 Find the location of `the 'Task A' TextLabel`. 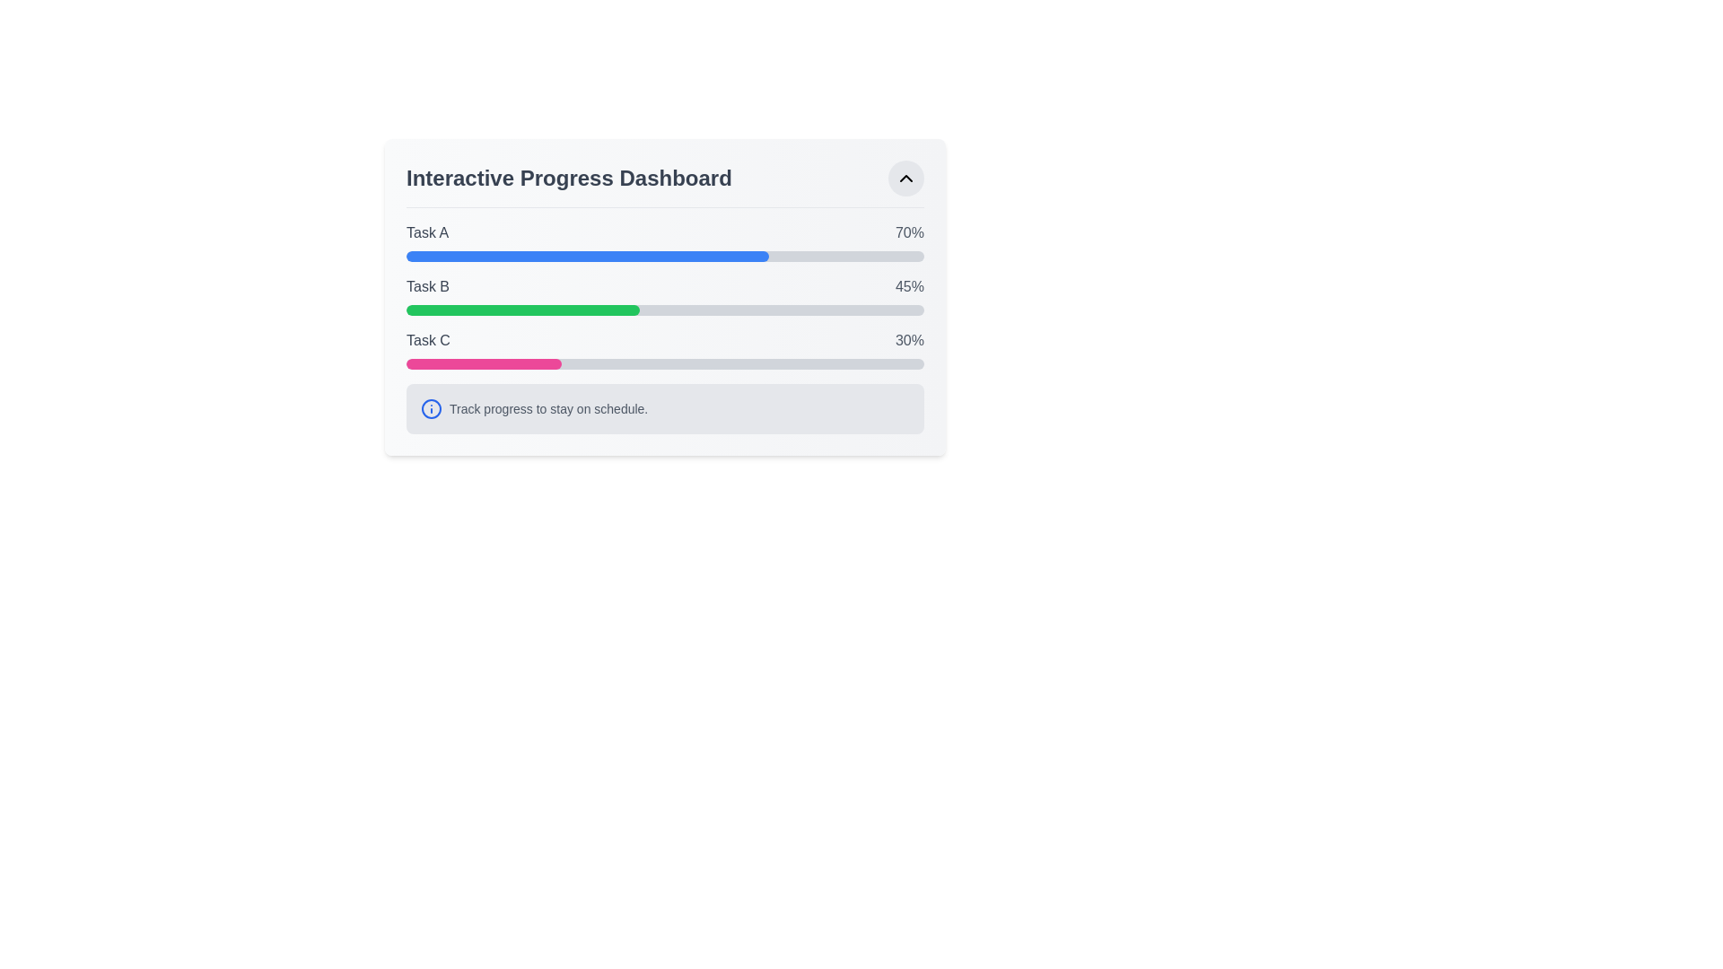

the 'Task A' TextLabel is located at coordinates (426, 231).